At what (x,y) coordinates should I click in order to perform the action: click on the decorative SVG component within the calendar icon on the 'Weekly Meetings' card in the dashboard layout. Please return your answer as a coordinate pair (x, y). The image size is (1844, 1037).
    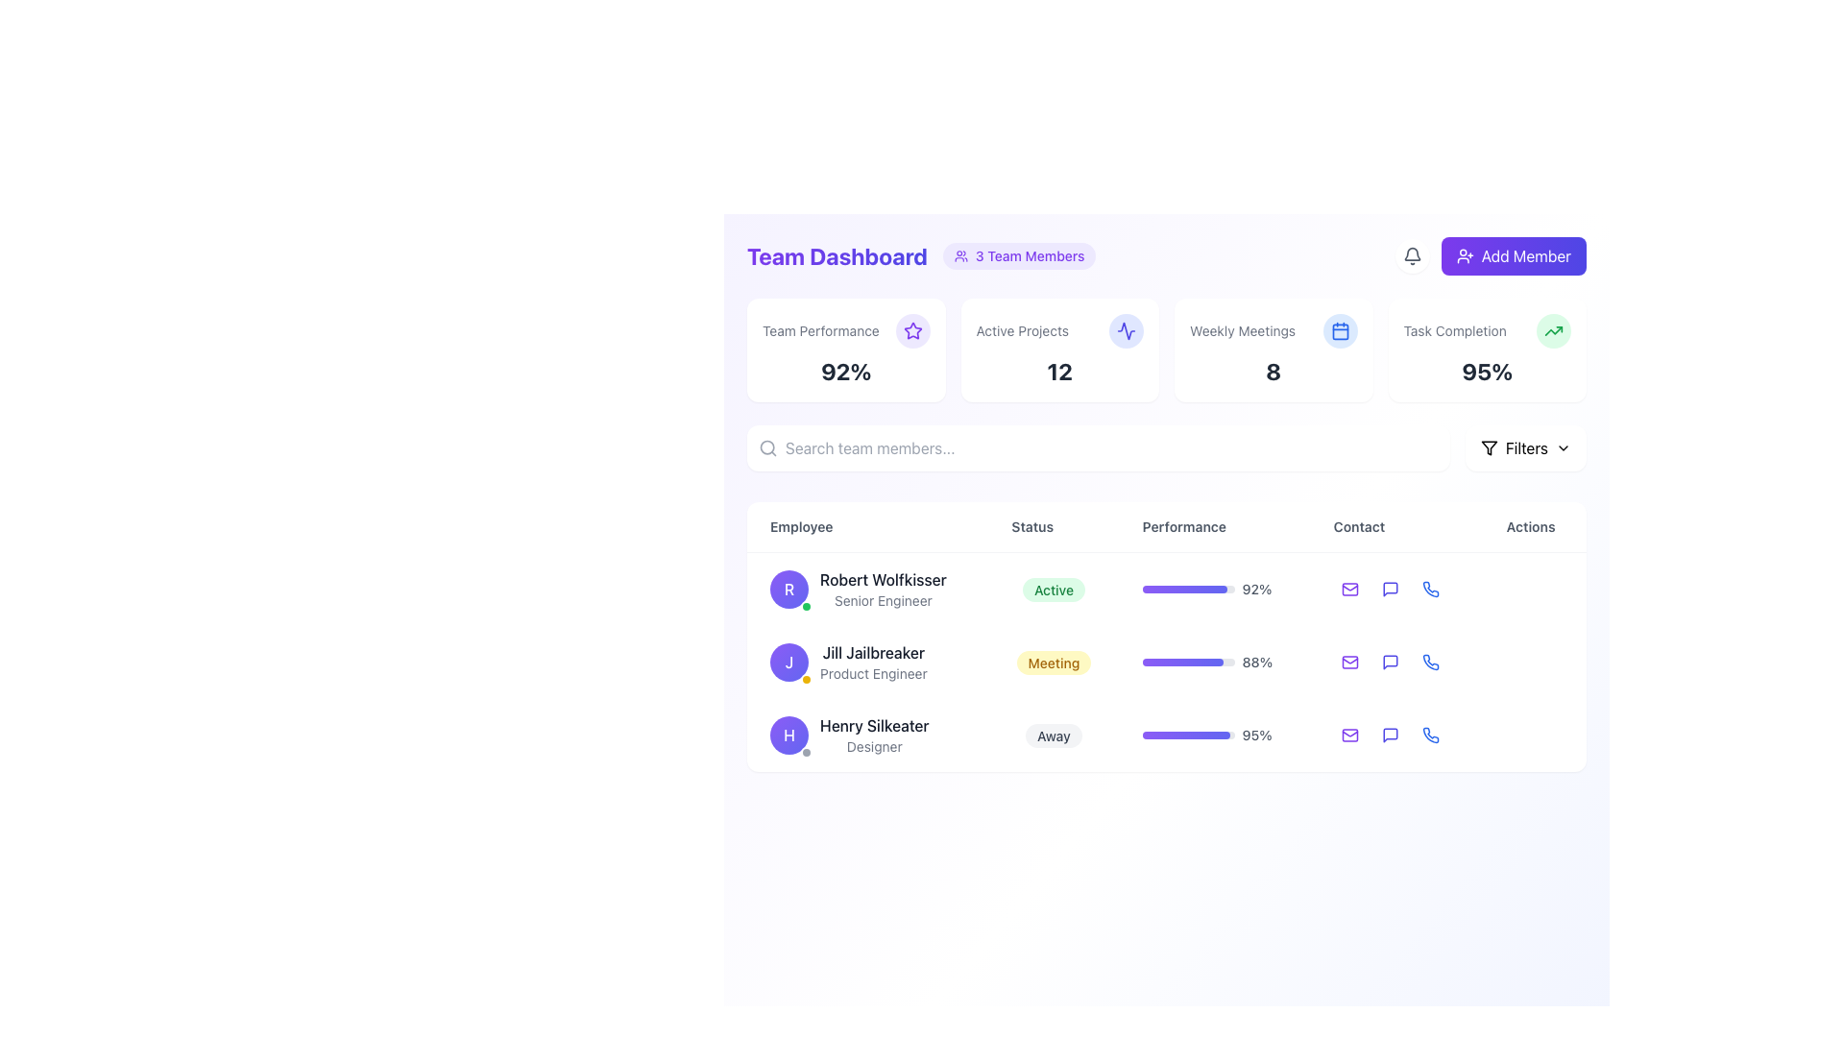
    Looking at the image, I should click on (1339, 330).